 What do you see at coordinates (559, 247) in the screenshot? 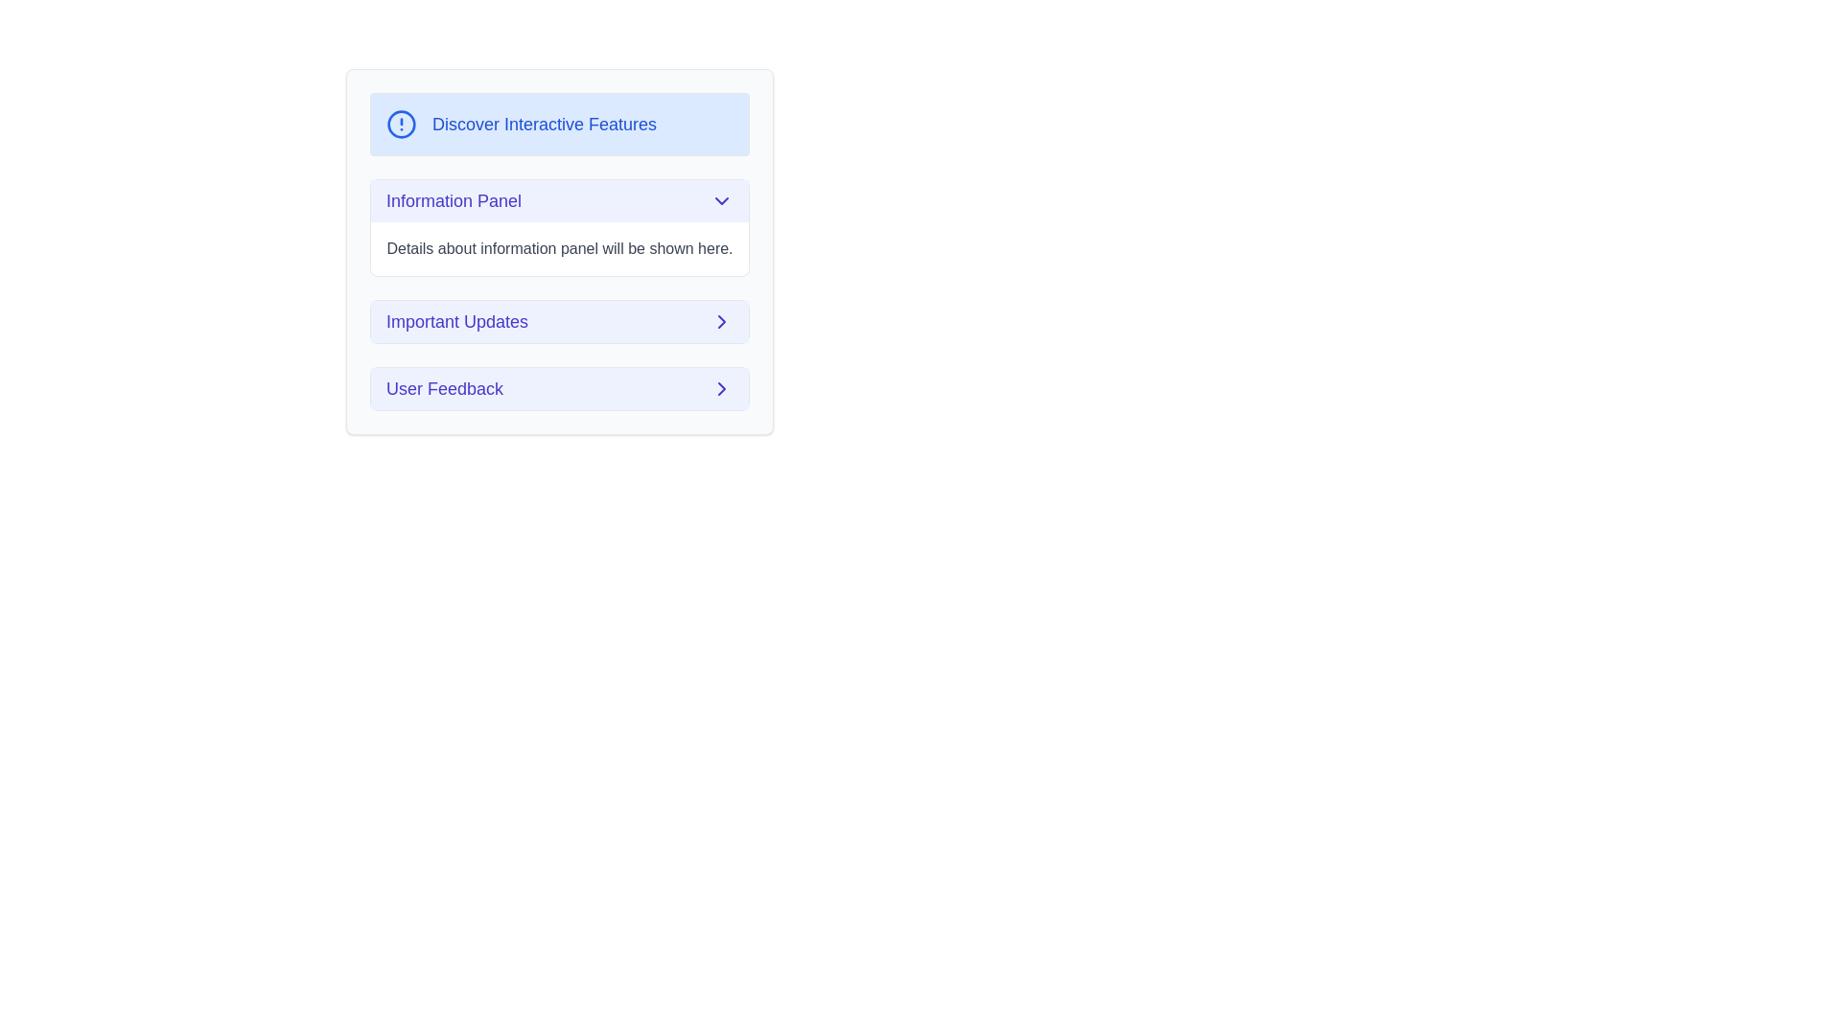
I see `static text 'Details about information panel will be shown here.' located in the collapsible panel under the heading 'Information Panel'` at bounding box center [559, 247].